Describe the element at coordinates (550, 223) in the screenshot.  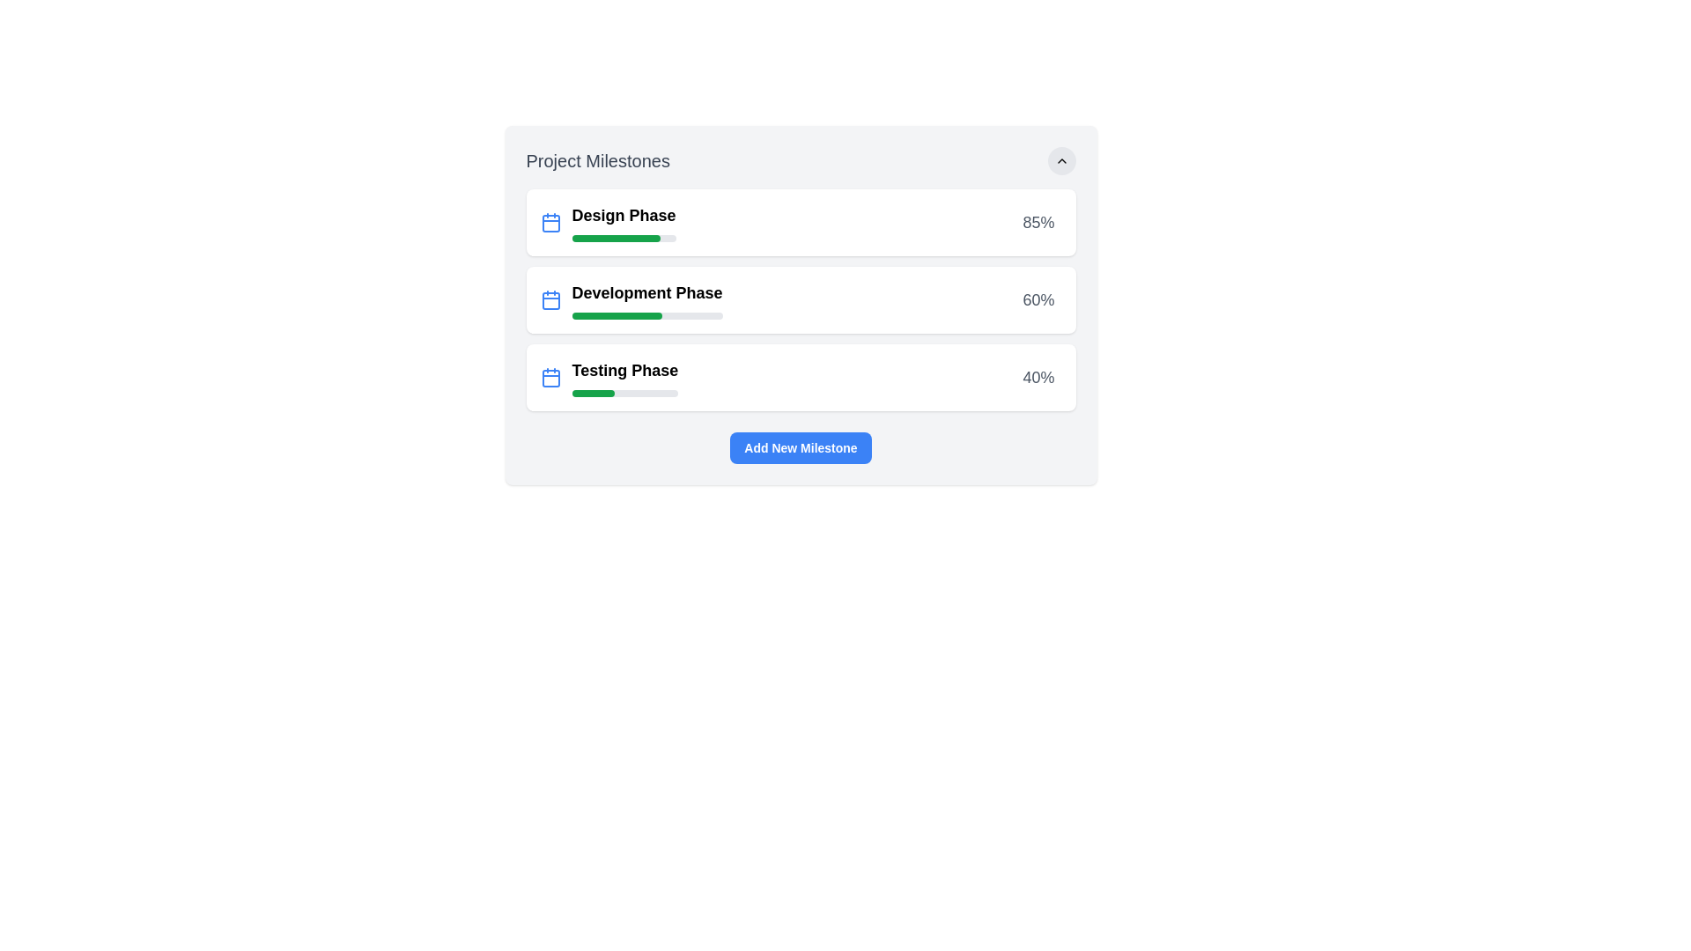
I see `the decorative shape within the calendar icon that represents a date or specific attribute, located adjacent to the 'Development Phase' label in the milestones list` at that location.